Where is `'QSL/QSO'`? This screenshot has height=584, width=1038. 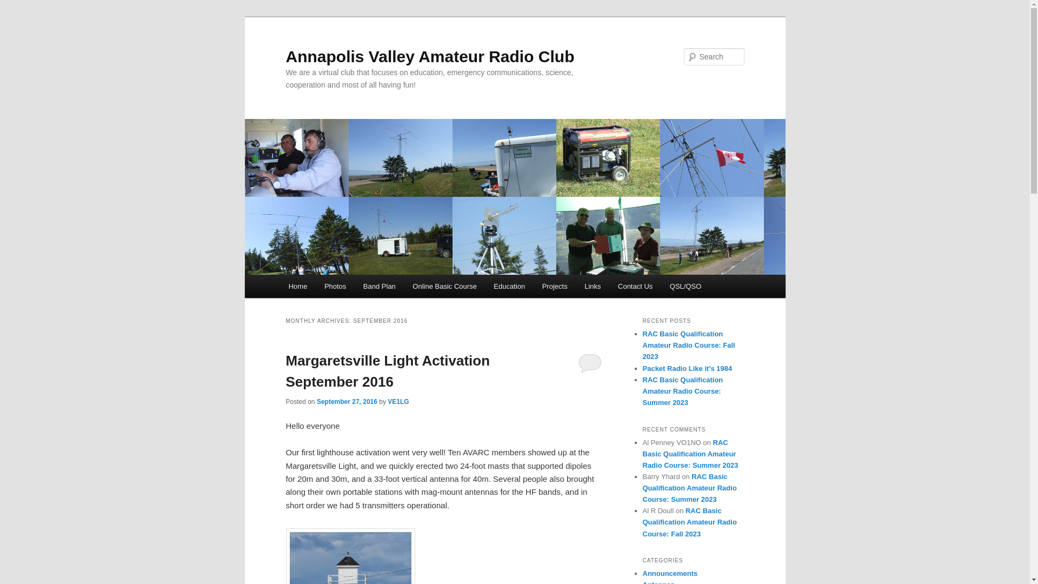
'QSL/QSO' is located at coordinates (661, 286).